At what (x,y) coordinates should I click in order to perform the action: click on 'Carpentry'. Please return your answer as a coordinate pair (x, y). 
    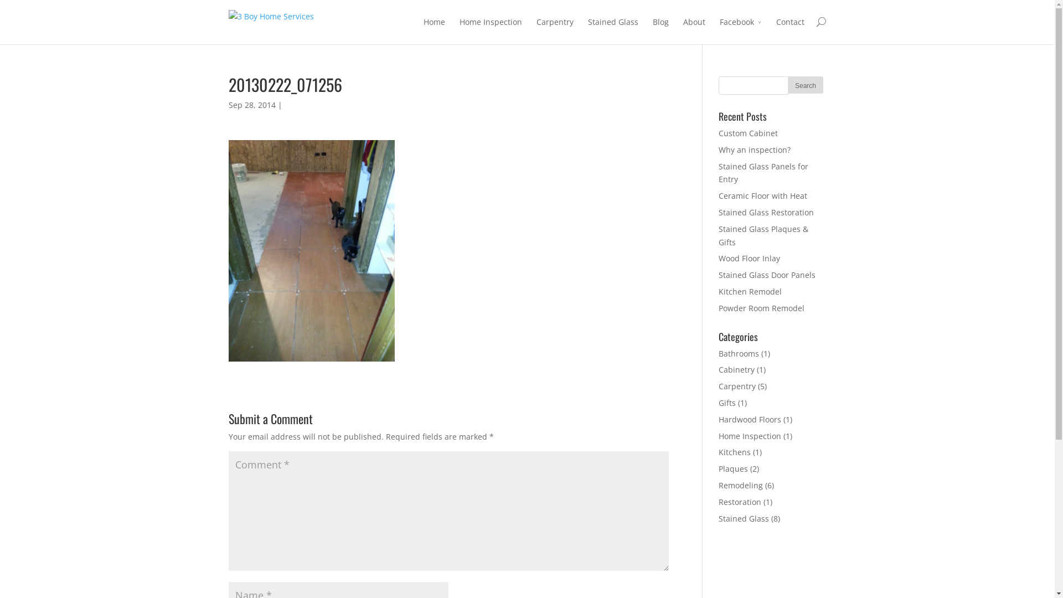
    Looking at the image, I should click on (737, 385).